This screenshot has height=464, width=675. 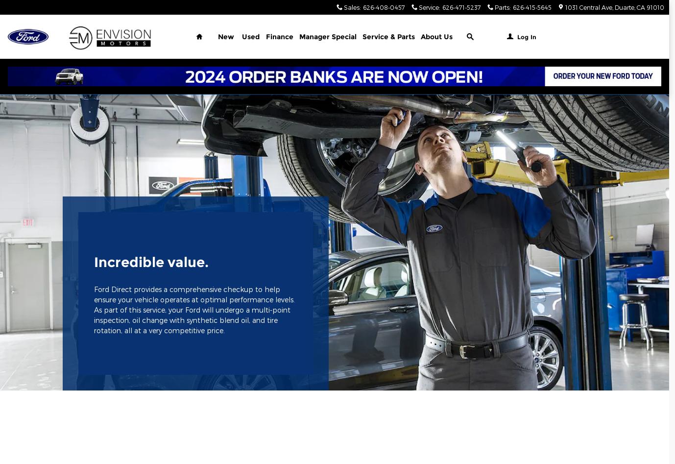 What do you see at coordinates (641, 7) in the screenshot?
I see `'CA'` at bounding box center [641, 7].